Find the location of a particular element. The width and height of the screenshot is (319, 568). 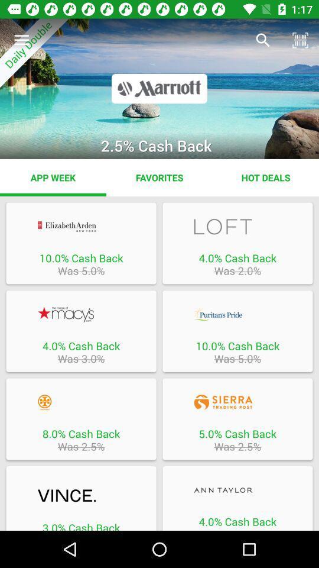

website is located at coordinates (237, 314).